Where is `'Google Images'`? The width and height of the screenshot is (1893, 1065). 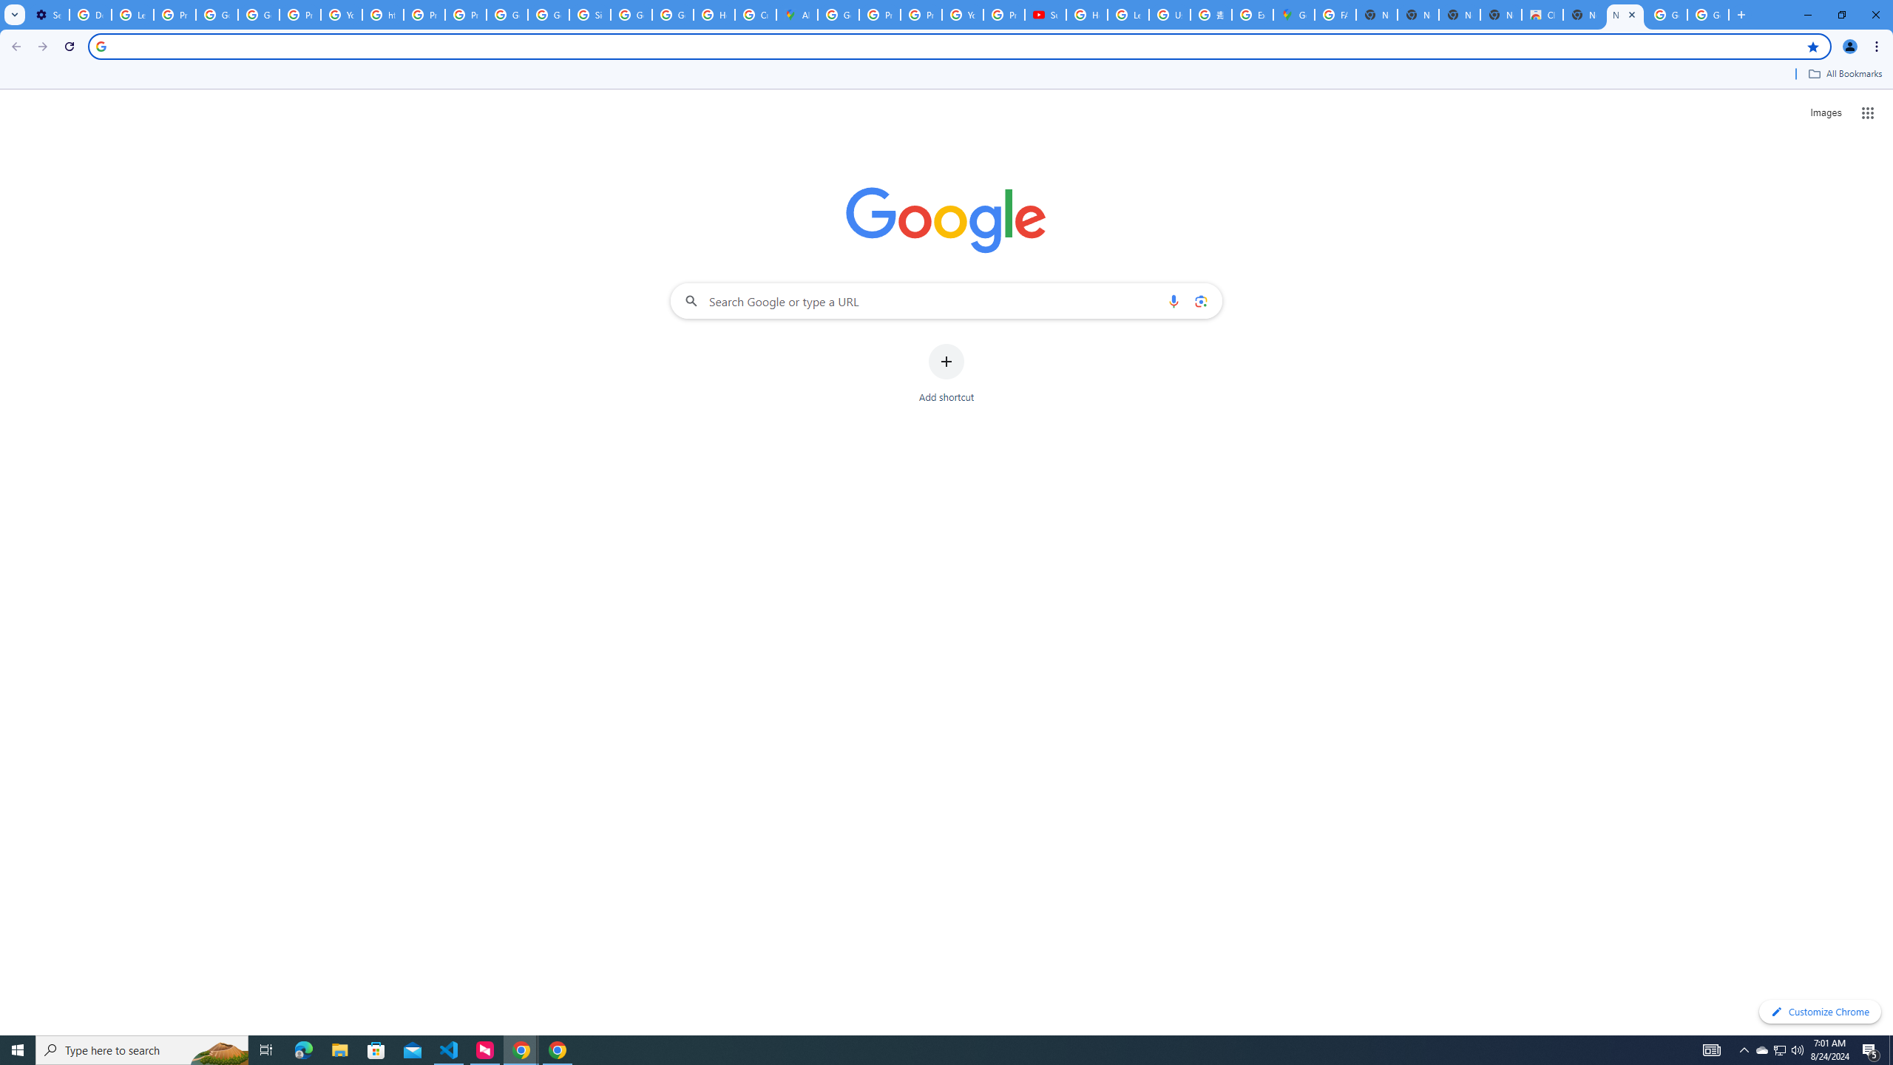 'Google Images' is located at coordinates (1667, 14).